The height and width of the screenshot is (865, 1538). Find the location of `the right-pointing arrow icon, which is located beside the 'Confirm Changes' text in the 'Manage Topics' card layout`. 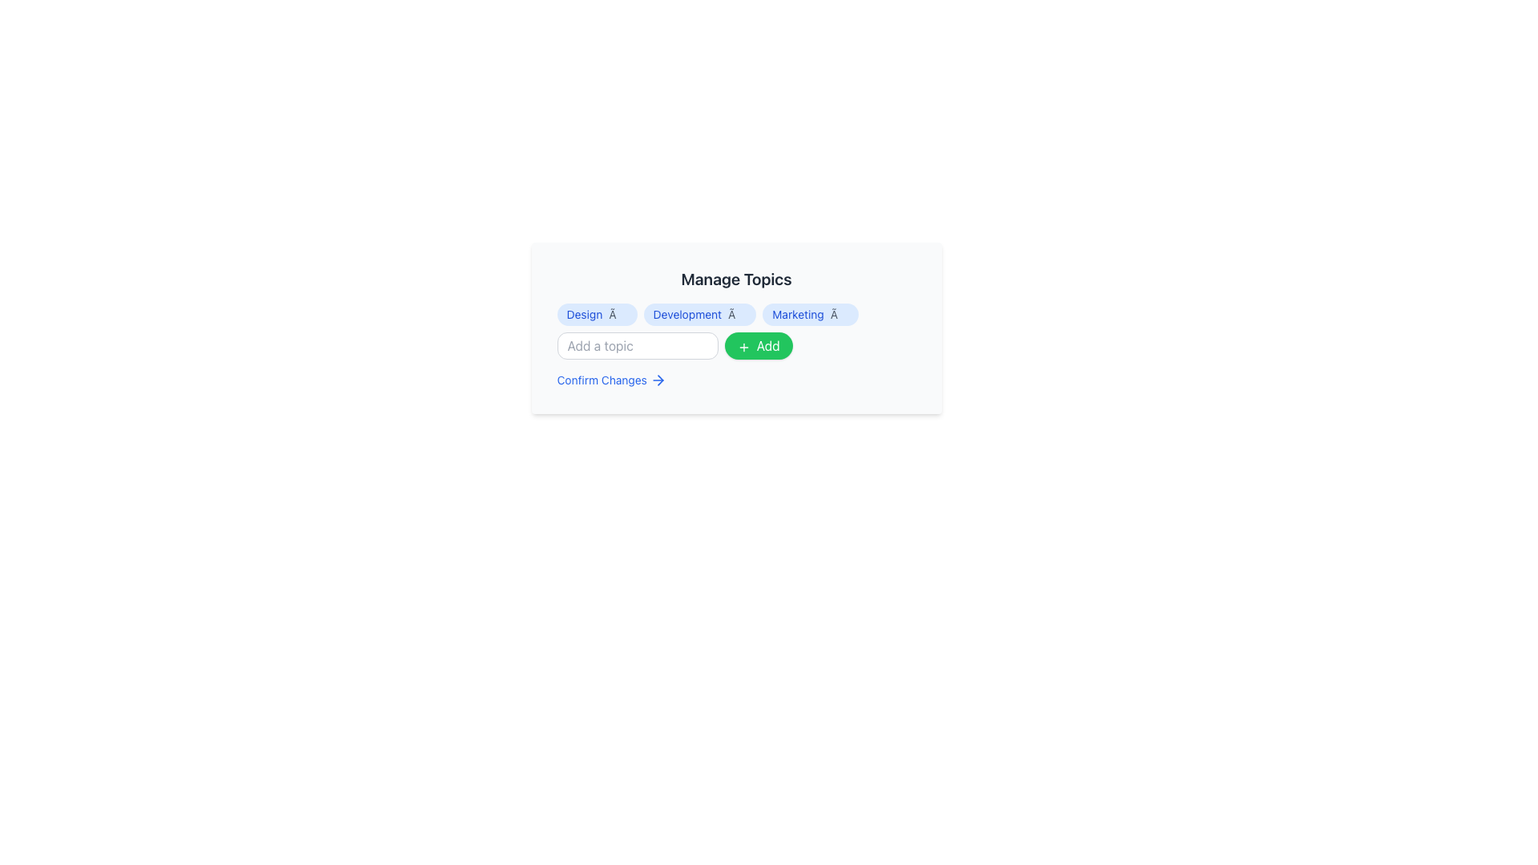

the right-pointing arrow icon, which is located beside the 'Confirm Changes' text in the 'Manage Topics' card layout is located at coordinates (660, 380).